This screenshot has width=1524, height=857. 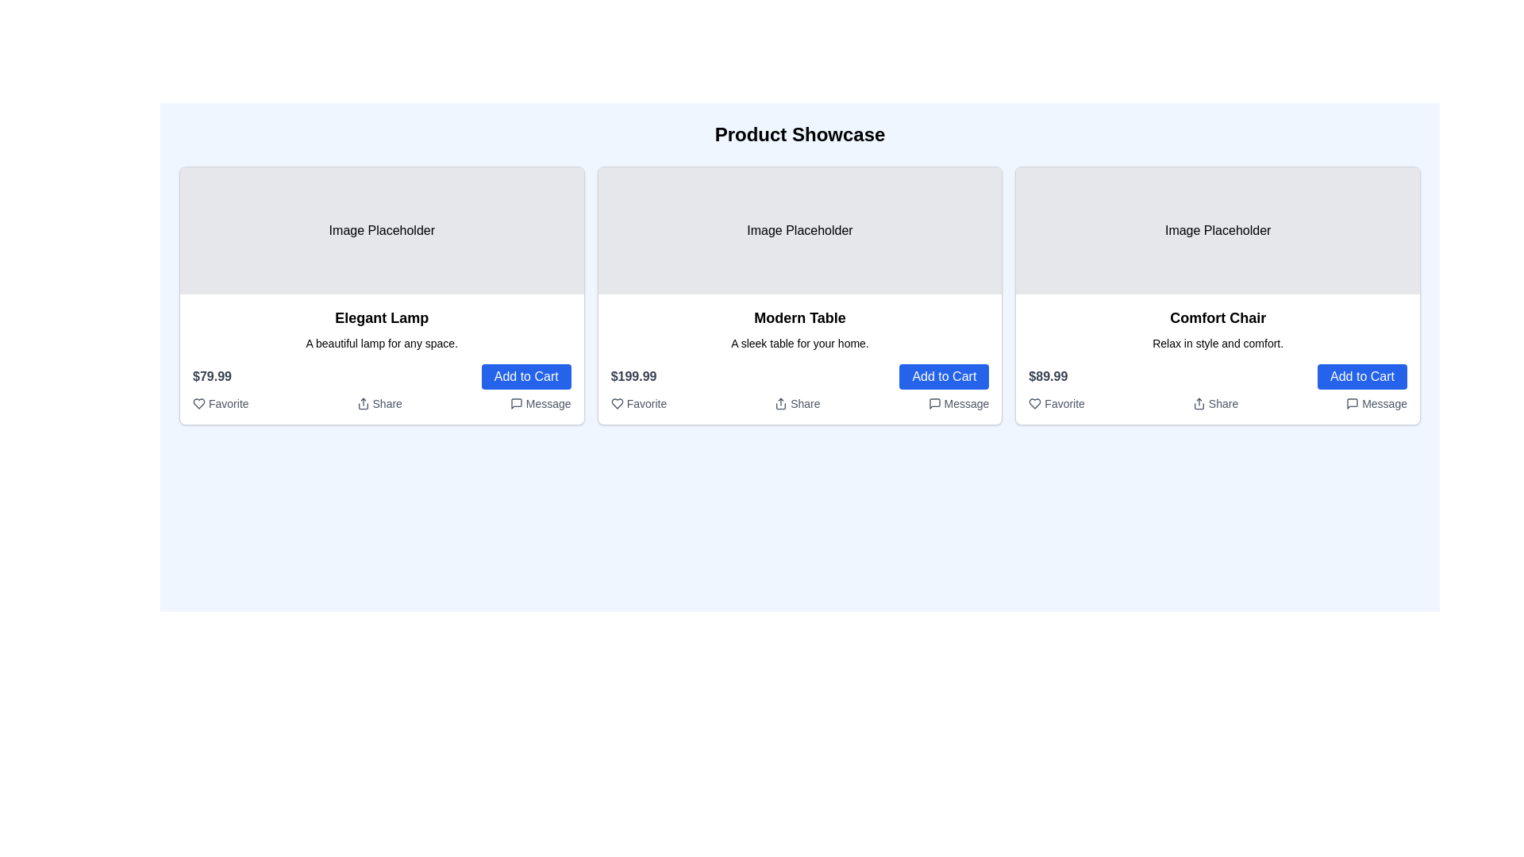 What do you see at coordinates (638, 403) in the screenshot?
I see `the 'Favorite' button located at the bottom of the 'Modern Table' card` at bounding box center [638, 403].